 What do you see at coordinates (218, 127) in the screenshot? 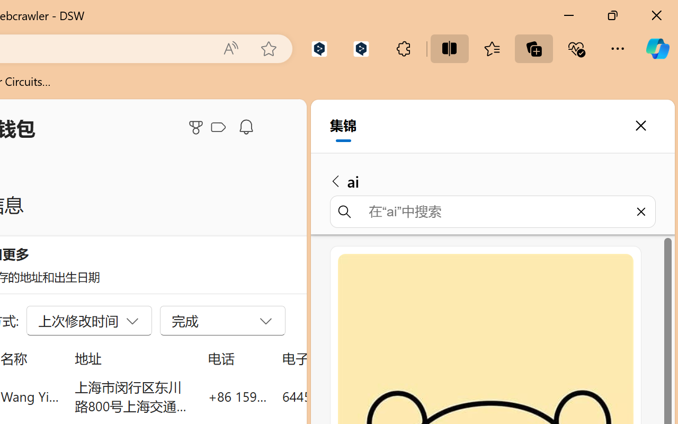
I see `'Class: ___1lmltc5 f1agt3bx f12qytpq'` at bounding box center [218, 127].